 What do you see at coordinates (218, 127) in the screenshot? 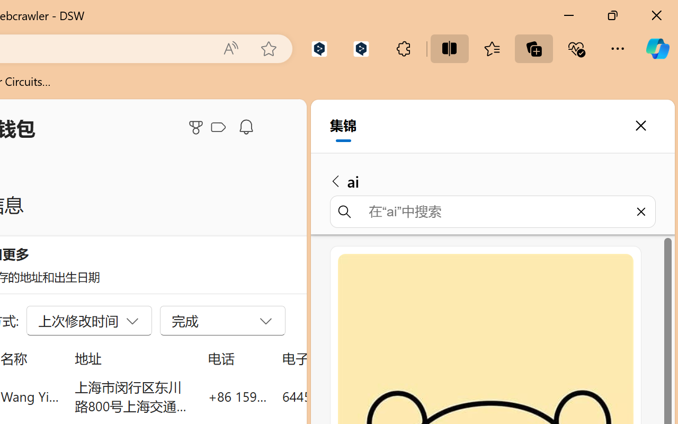
I see `'Class: ___1lmltc5 f1agt3bx f12qytpq'` at bounding box center [218, 127].